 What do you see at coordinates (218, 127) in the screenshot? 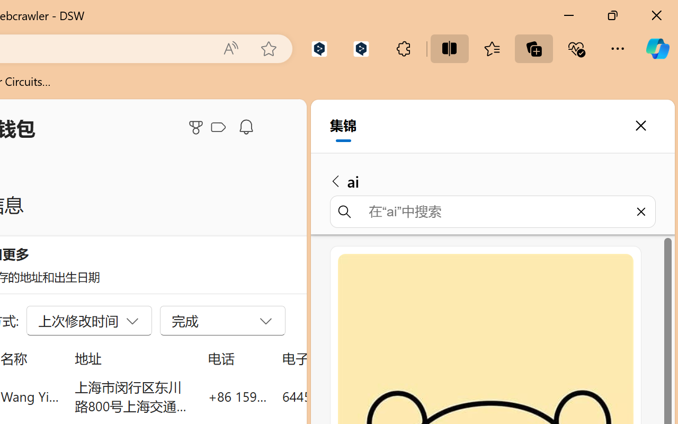
I see `'Class: ___1lmltc5 f1agt3bx f12qytpq'` at bounding box center [218, 127].